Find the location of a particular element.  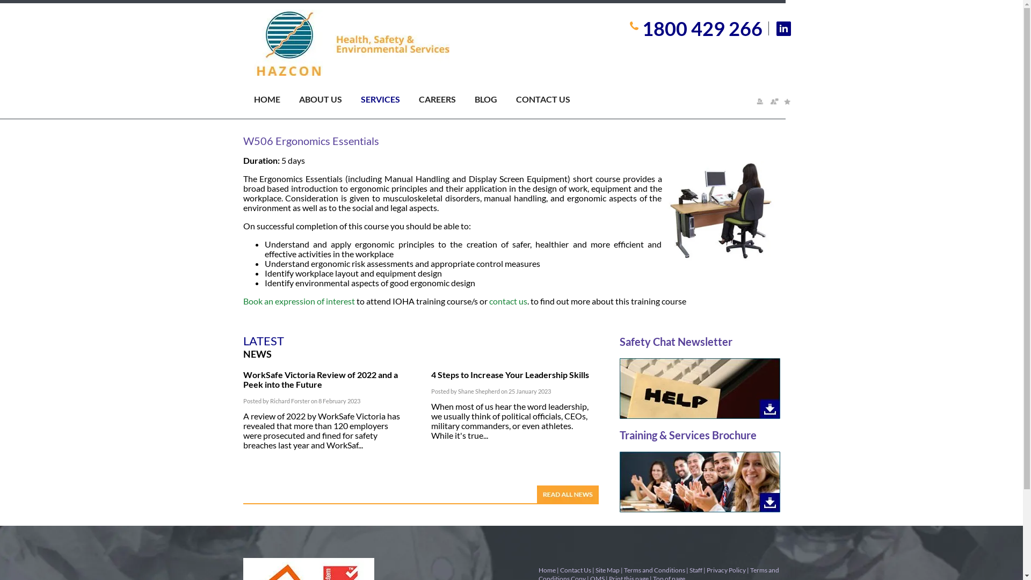

'BLOG' is located at coordinates (495, 102).